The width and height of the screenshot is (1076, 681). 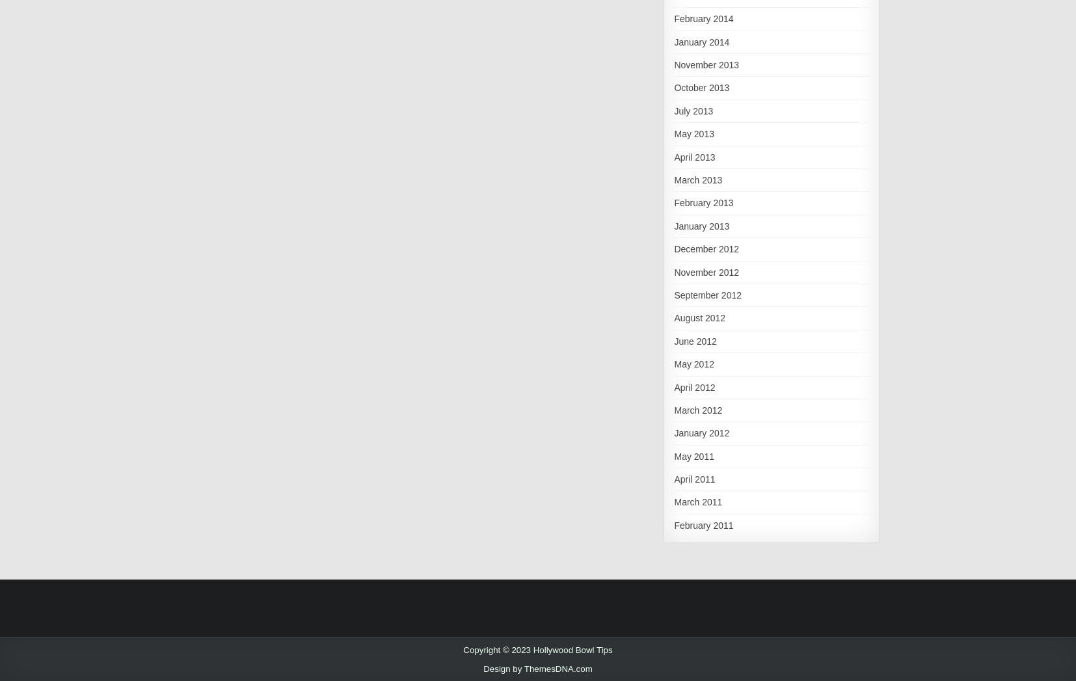 I want to click on 'April 2012', so click(x=693, y=386).